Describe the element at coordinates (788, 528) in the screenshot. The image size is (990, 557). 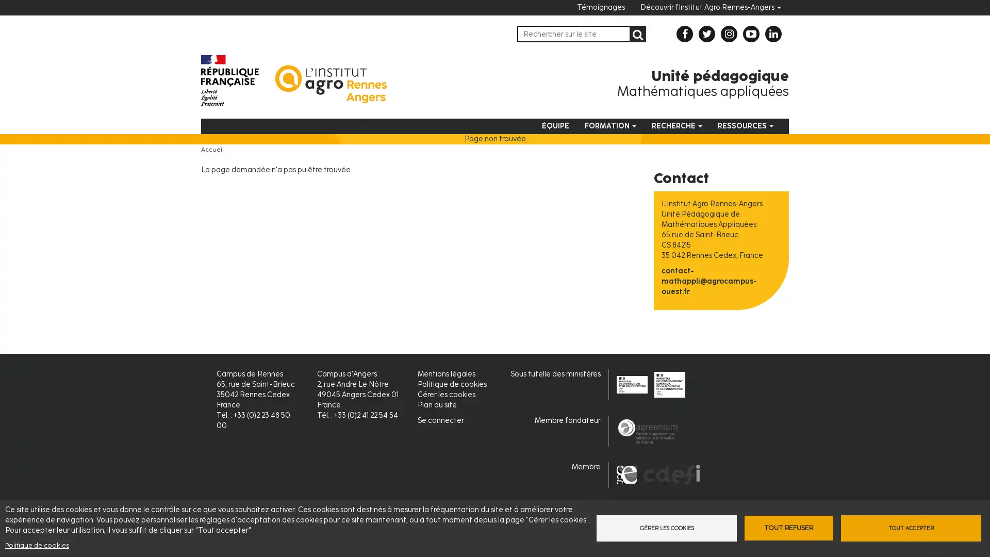
I see `TOUT REFUSER` at that location.